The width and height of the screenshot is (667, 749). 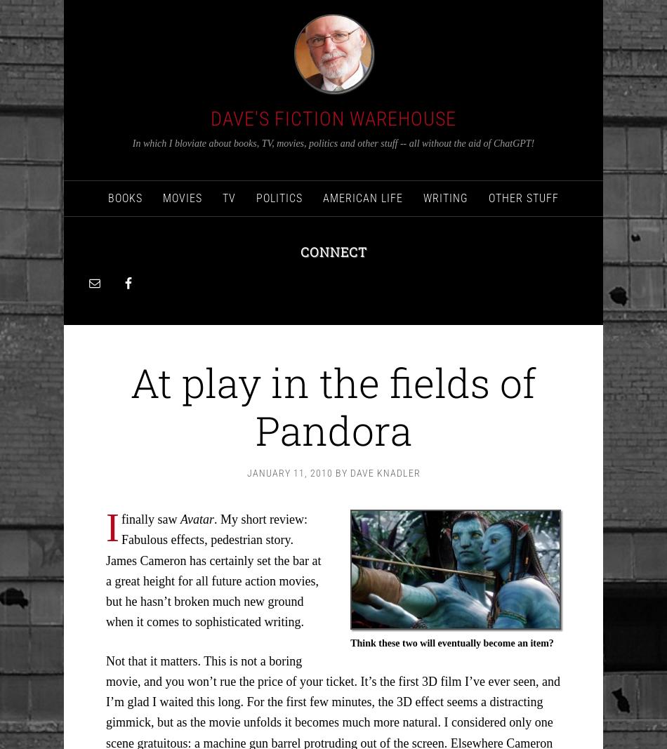 I want to click on 'In which I bloviate about books, TV, movies, politics and other stuff -- all without the aid of  ChatGPT!', so click(x=332, y=143).